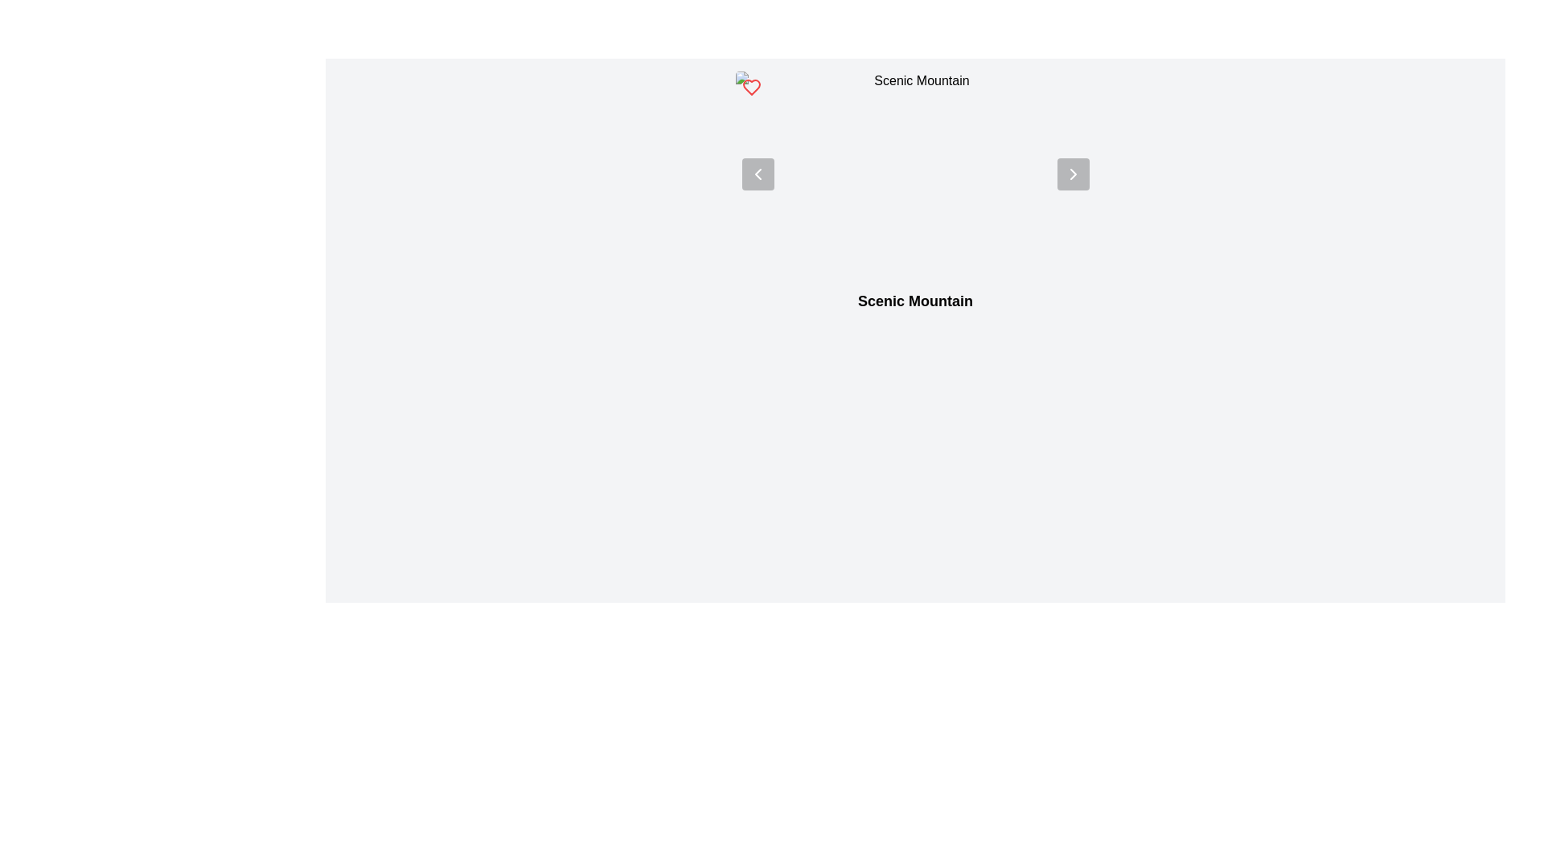 The width and height of the screenshot is (1544, 868). What do you see at coordinates (757, 174) in the screenshot?
I see `the leftward navigation button in the carousel` at bounding box center [757, 174].